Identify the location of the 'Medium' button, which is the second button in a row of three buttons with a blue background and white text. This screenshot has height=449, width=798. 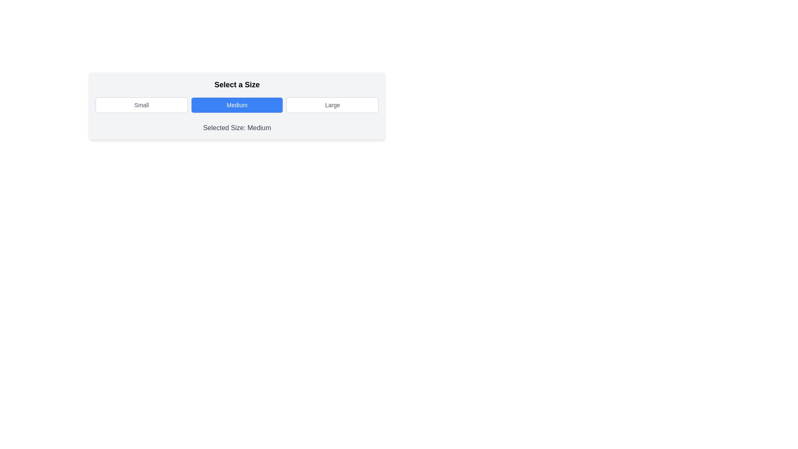
(236, 105).